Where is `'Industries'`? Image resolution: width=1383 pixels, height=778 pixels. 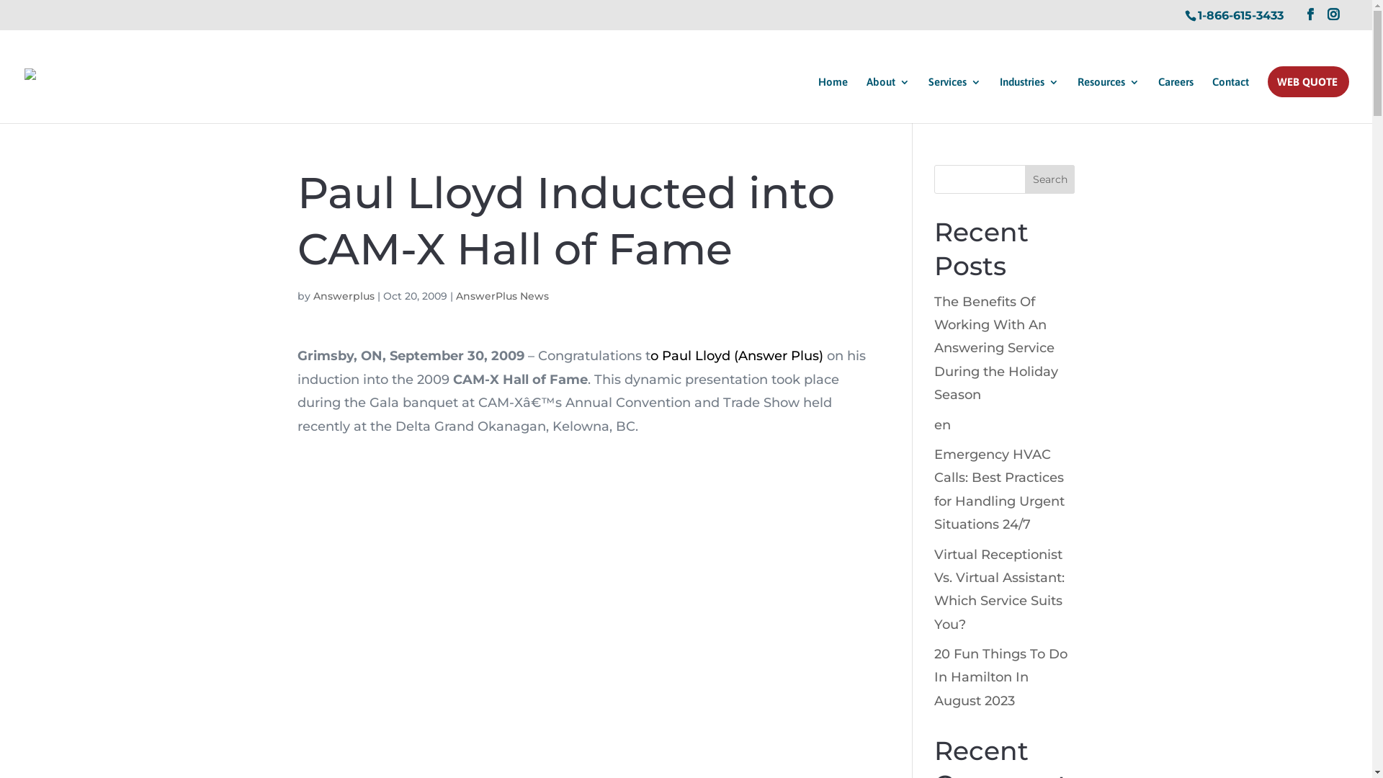
'Industries' is located at coordinates (1029, 99).